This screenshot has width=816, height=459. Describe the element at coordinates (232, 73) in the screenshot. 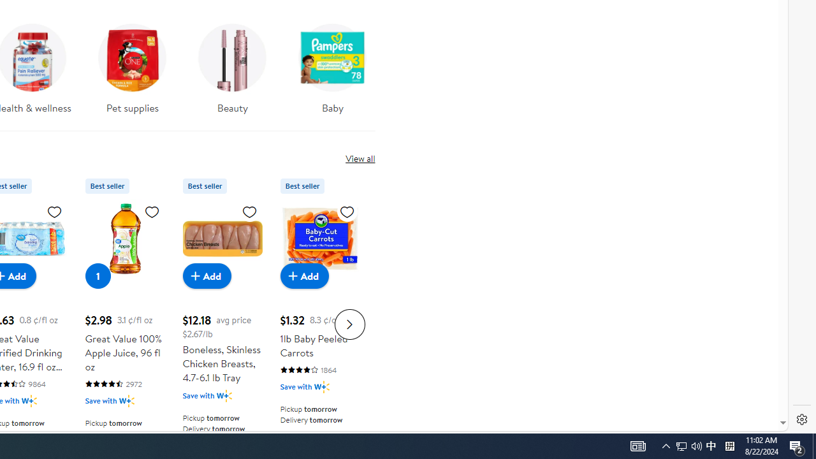

I see `'Beauty'` at that location.